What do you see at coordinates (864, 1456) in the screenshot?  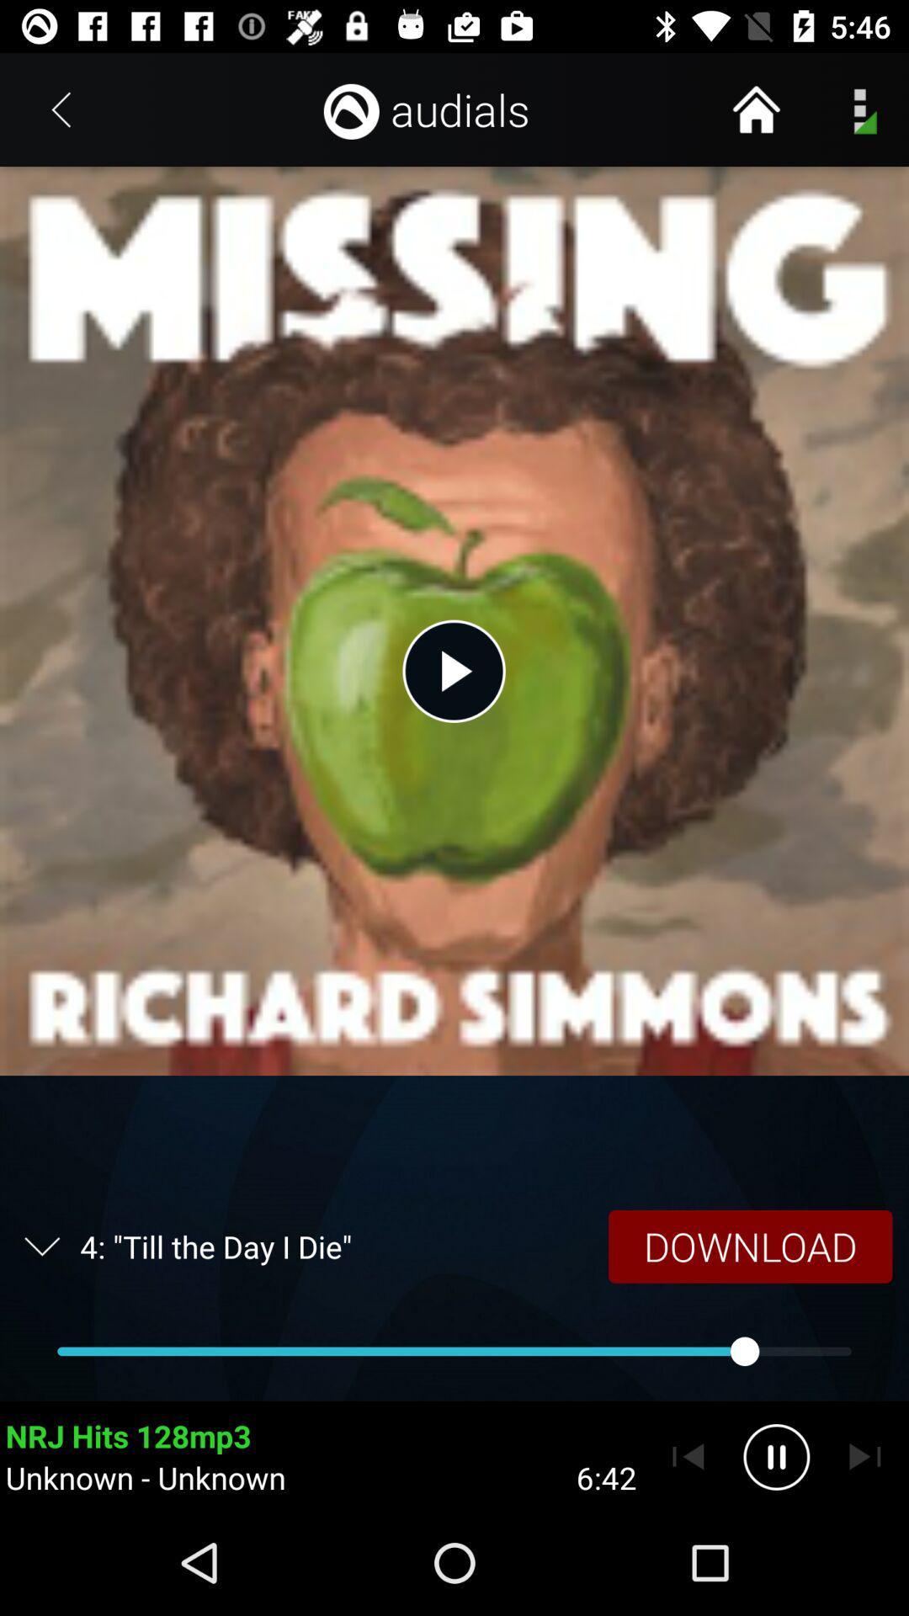 I see `the skip_next icon` at bounding box center [864, 1456].